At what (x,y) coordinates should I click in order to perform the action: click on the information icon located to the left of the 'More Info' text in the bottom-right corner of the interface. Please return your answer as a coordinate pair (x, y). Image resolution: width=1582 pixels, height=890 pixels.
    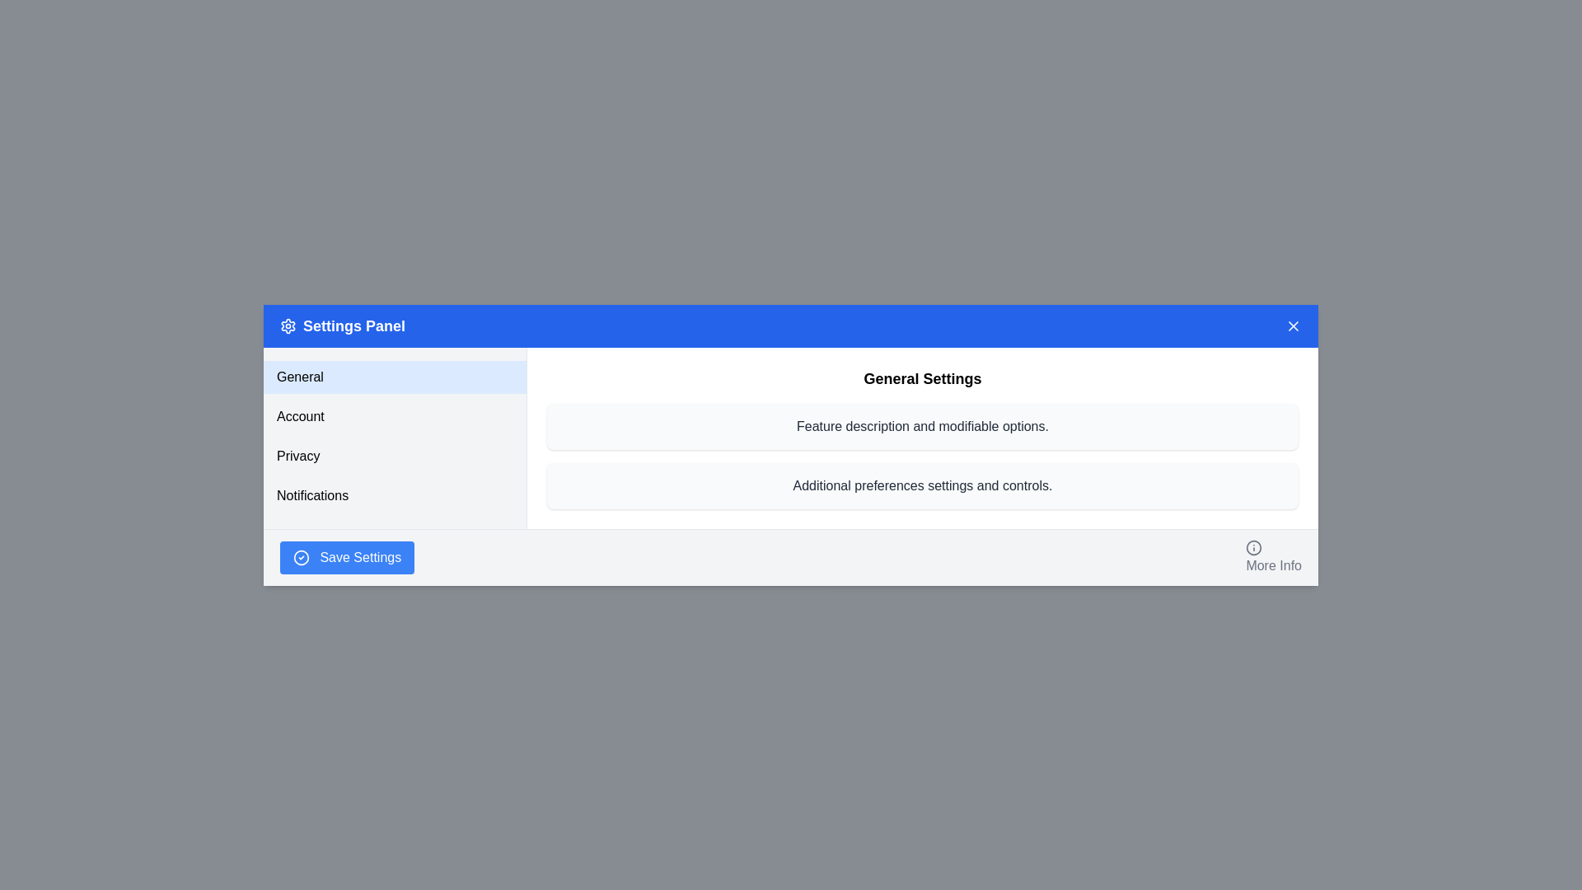
    Looking at the image, I should click on (1253, 547).